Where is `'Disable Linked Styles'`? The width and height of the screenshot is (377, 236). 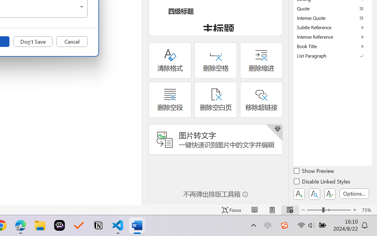 'Disable Linked Styles' is located at coordinates (322, 182).